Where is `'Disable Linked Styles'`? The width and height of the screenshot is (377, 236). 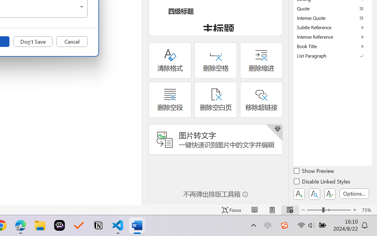 'Disable Linked Styles' is located at coordinates (322, 182).